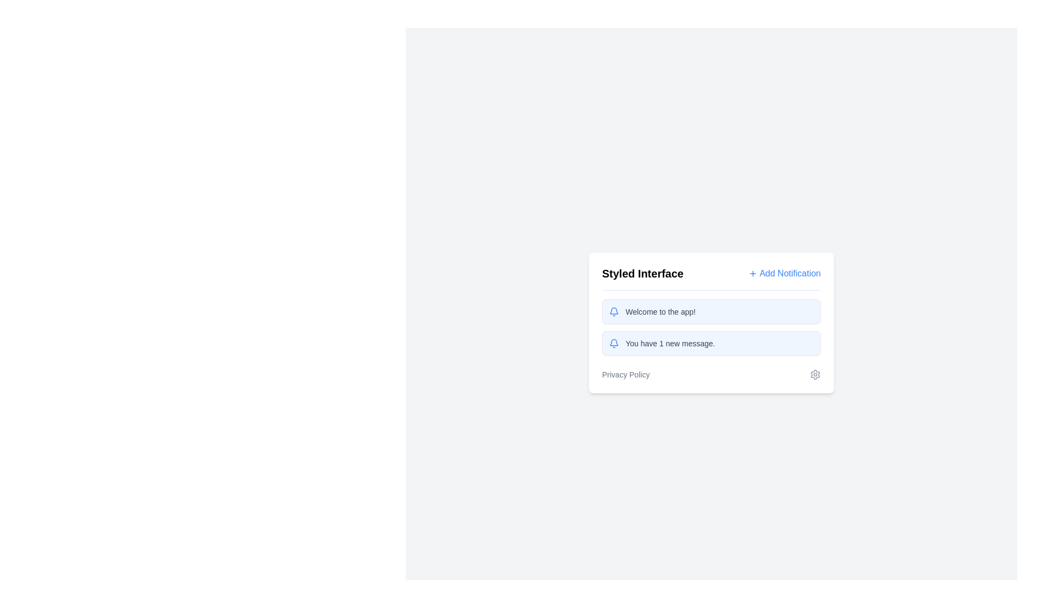 The image size is (1050, 590). Describe the element at coordinates (752, 273) in the screenshot. I see `the 'Add Notification' icon located to the left of the text for tooltip or visual feedback` at that location.